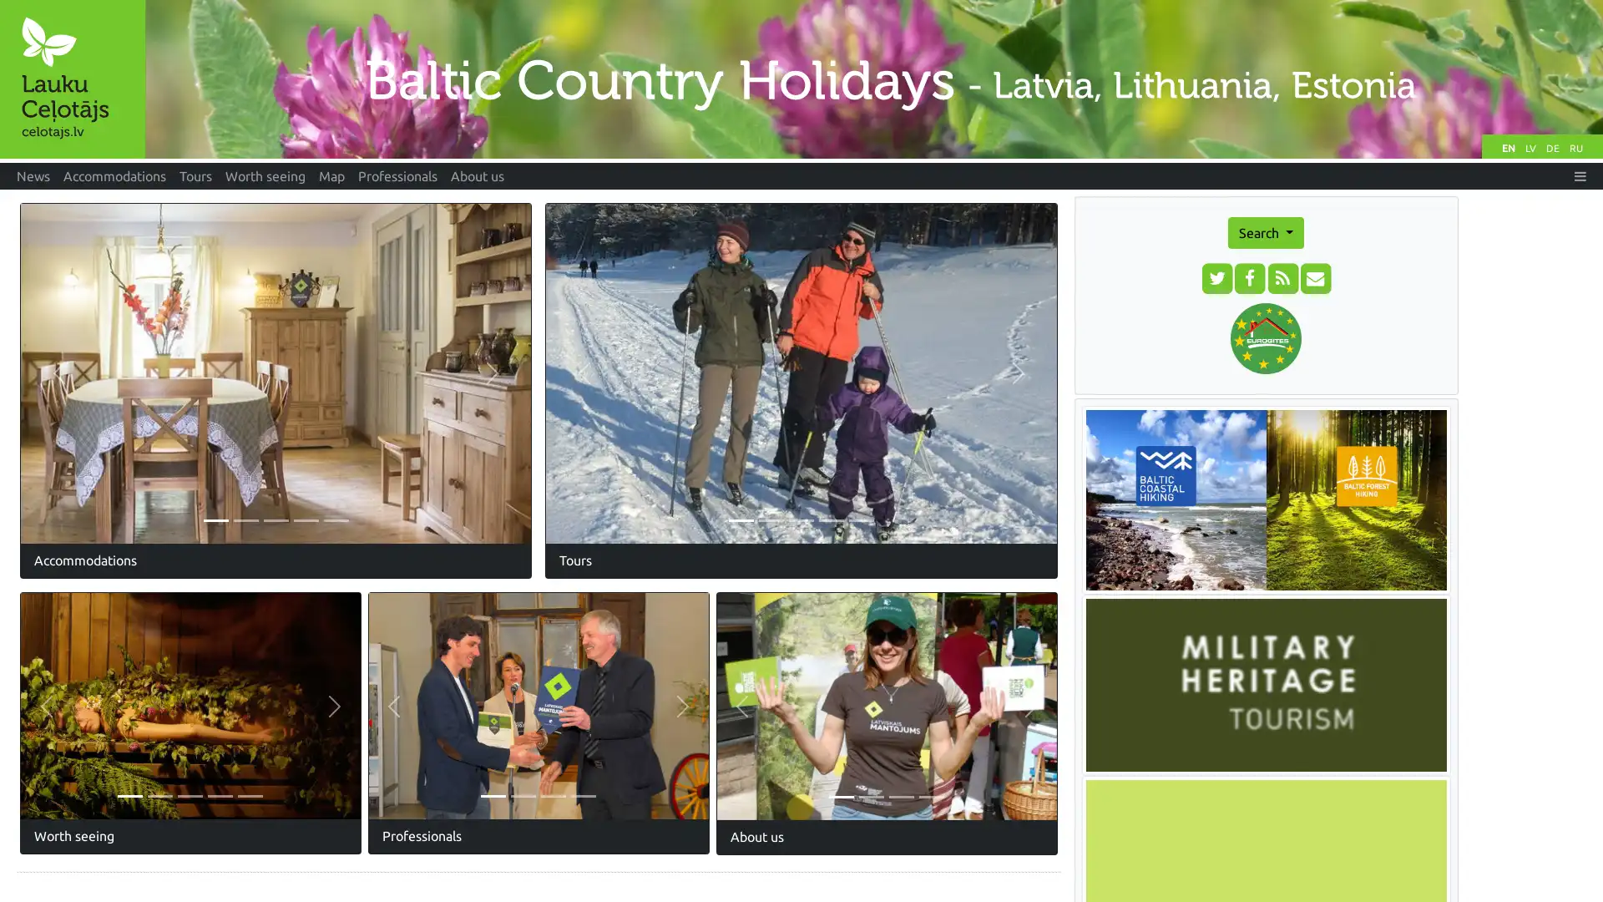 This screenshot has width=1603, height=902. I want to click on Previous, so click(46, 706).